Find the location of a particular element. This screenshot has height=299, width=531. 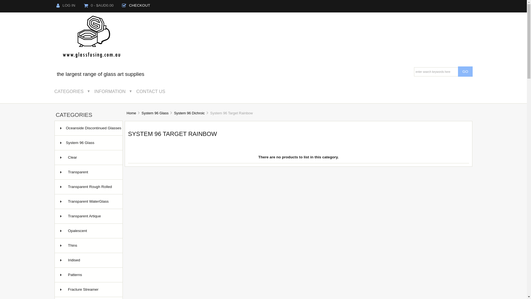

'go' is located at coordinates (465, 71).